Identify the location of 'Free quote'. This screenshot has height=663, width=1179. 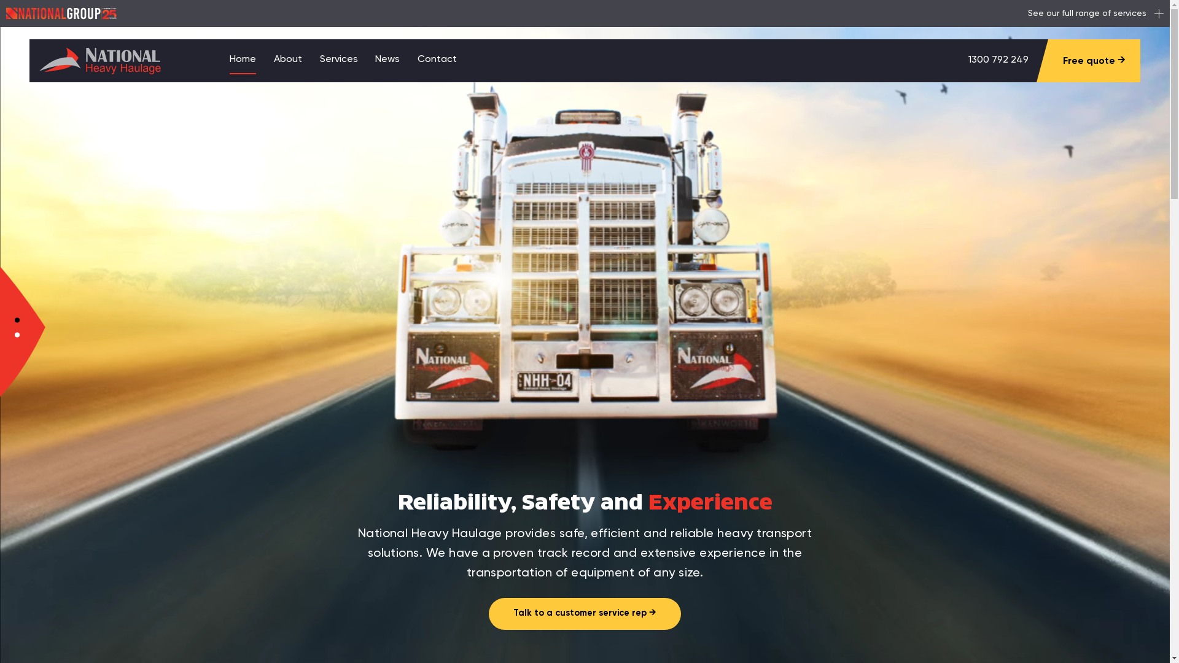
(1094, 61).